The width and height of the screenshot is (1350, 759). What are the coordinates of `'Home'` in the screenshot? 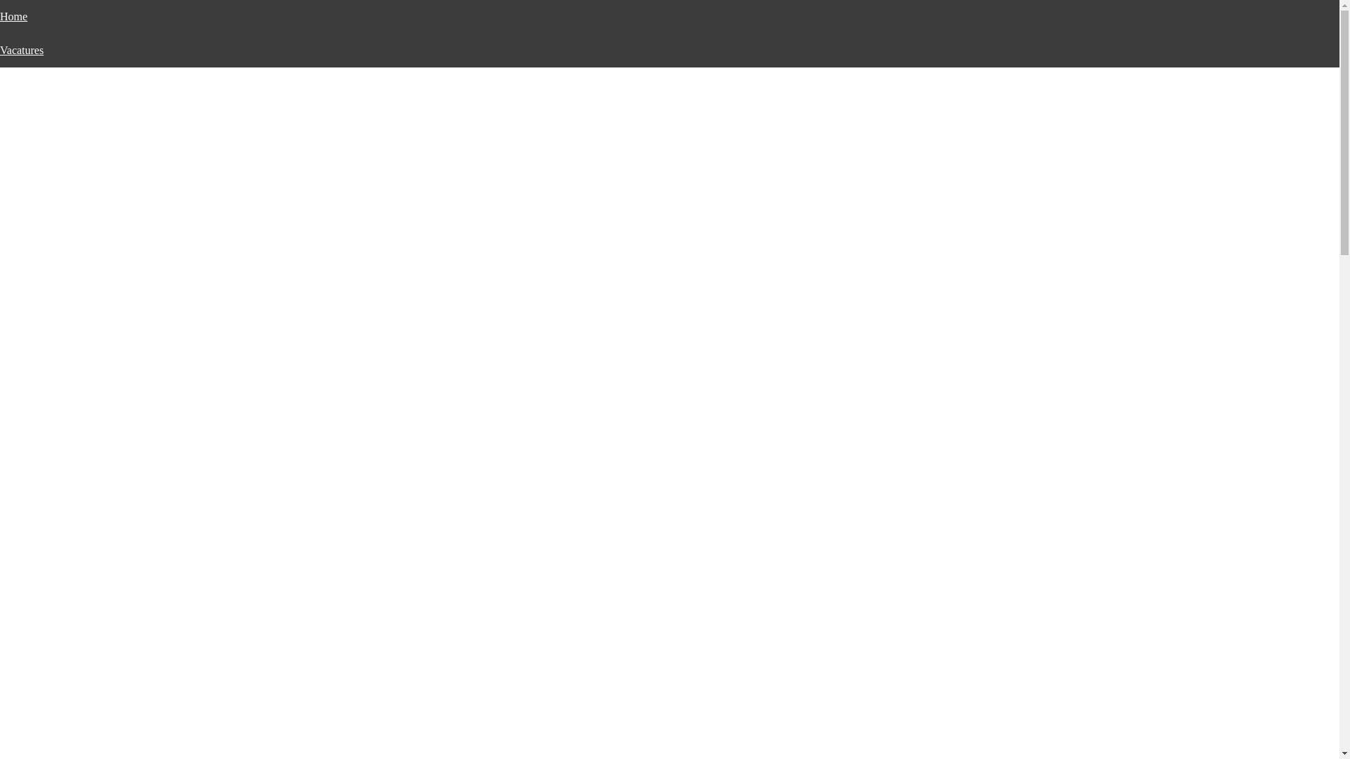 It's located at (13, 16).